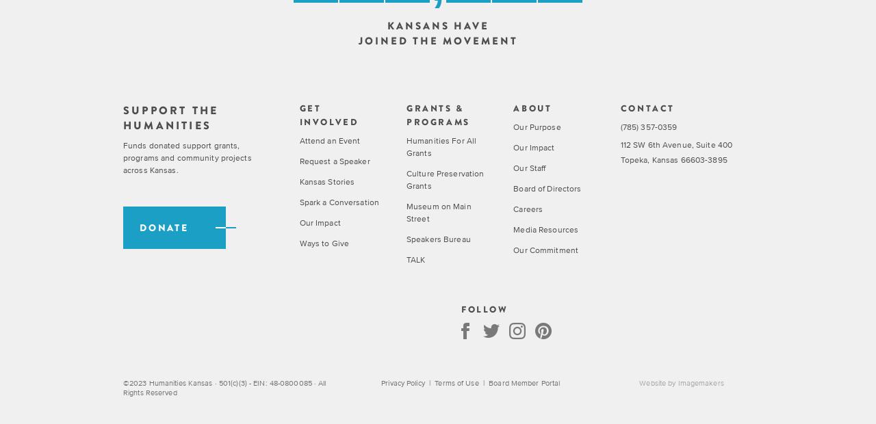 The width and height of the screenshot is (876, 424). Describe the element at coordinates (437, 114) in the screenshot. I see `'Grants & Programs'` at that location.